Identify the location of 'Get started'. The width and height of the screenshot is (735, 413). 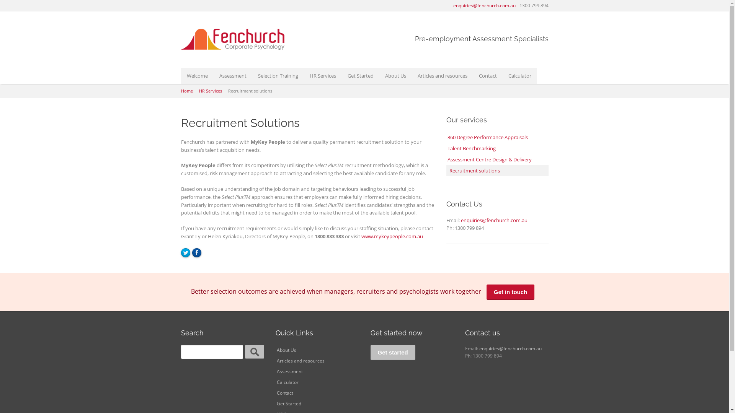
(393, 352).